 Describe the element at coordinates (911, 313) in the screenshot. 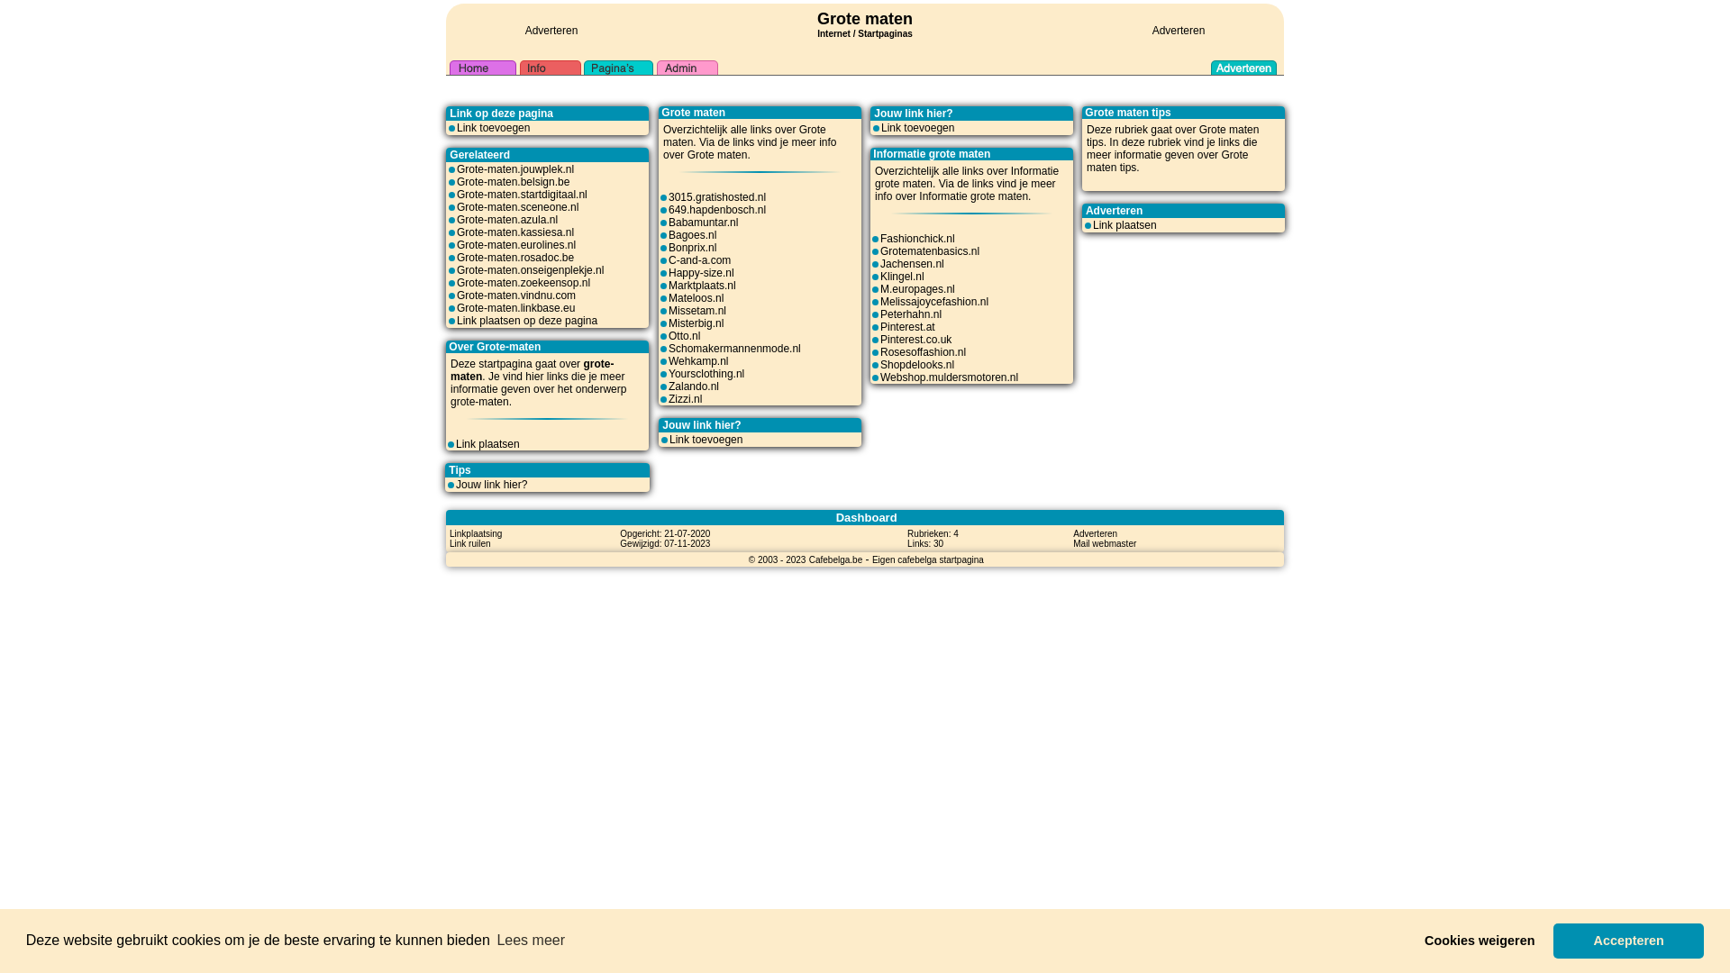

I see `'Peterhahn.nl'` at that location.